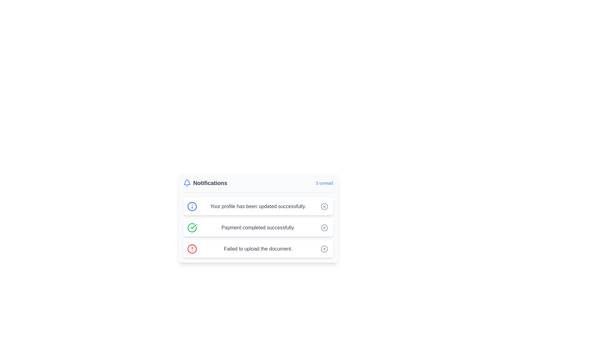 The image size is (599, 337). What do you see at coordinates (258, 249) in the screenshot?
I see `notification that displays the text 'Failed to upload the document.' which is the third notification item in the vertical list of notifications` at bounding box center [258, 249].